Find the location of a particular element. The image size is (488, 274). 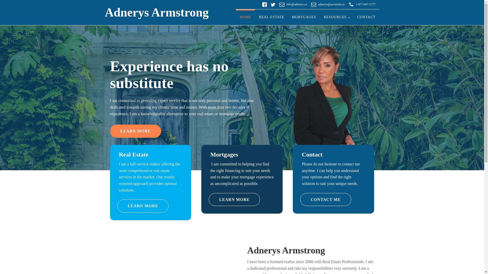

'MORTGAGES' is located at coordinates (288, 17).